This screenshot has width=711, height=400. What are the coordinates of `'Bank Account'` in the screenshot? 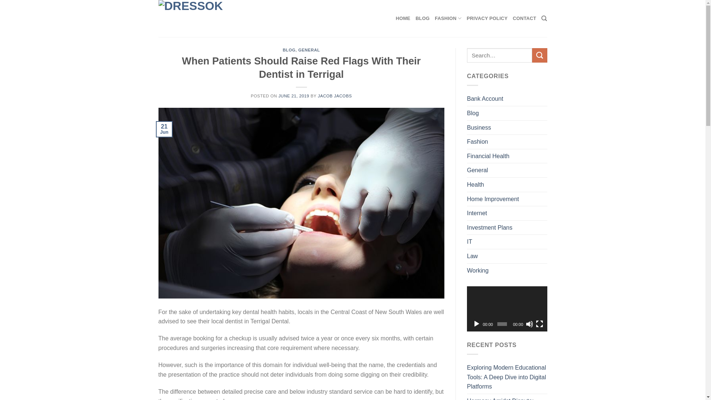 It's located at (485, 98).